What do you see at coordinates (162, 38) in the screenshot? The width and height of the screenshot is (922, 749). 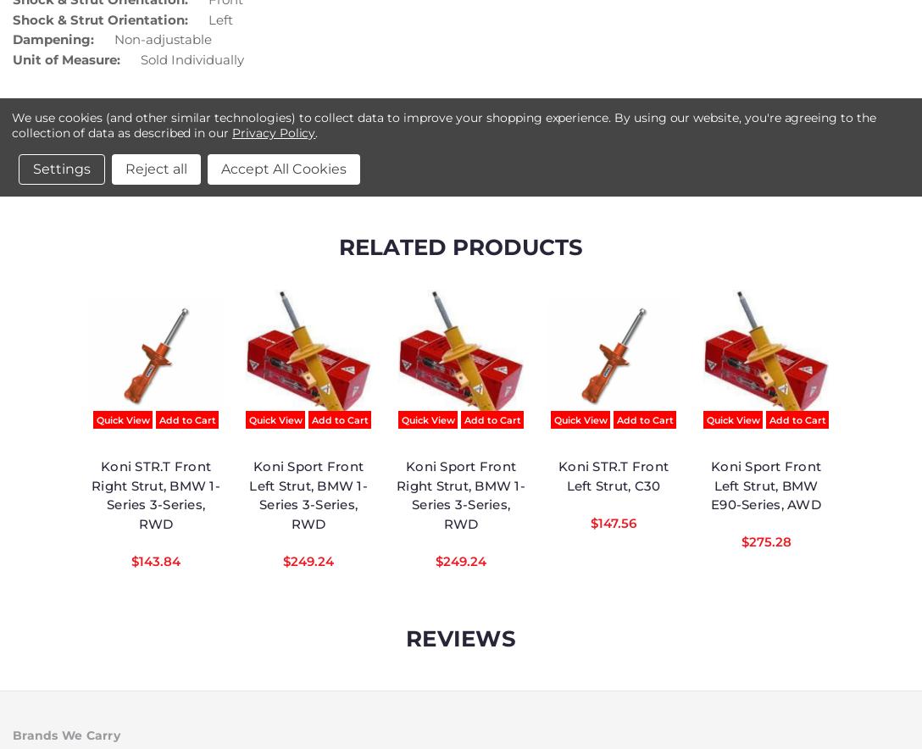 I see `'Non-adjustable'` at bounding box center [162, 38].